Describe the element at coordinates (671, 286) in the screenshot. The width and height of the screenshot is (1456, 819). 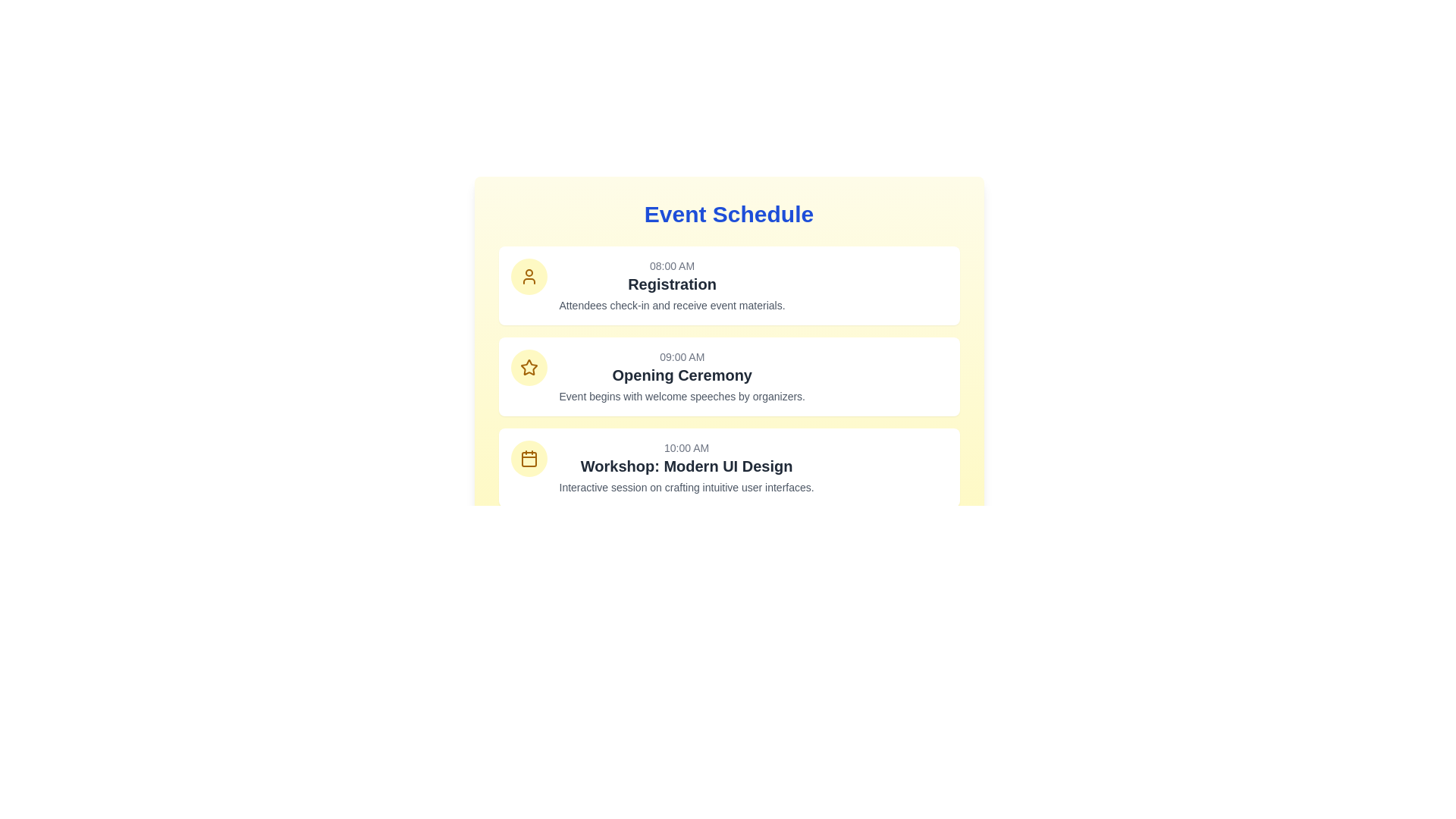
I see `the Text Group containing '08:00 AM', 'Registration', and 'Attendees check-in and receive event materials.' which is positioned below the heading 'Event Schedule.'` at that location.